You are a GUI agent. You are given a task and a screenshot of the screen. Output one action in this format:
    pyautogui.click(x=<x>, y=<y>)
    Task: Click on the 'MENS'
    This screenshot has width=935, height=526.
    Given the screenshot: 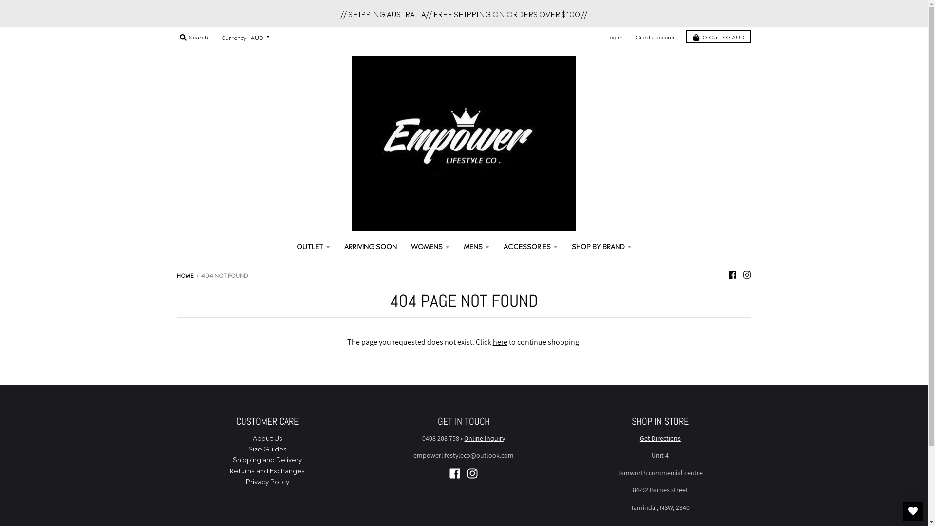 What is the action you would take?
    pyautogui.click(x=476, y=245)
    